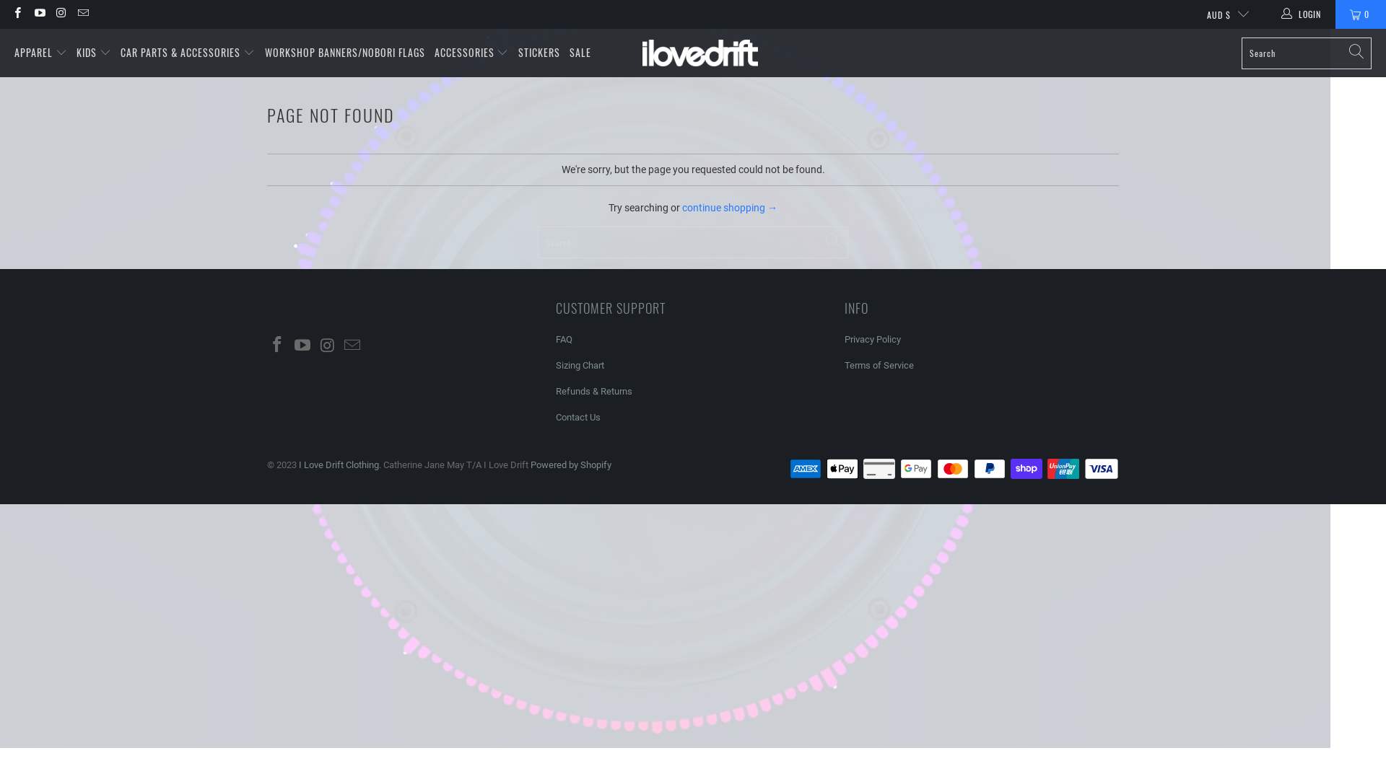 The height and width of the screenshot is (779, 1386). I want to click on 'APPAREL', so click(40, 52).